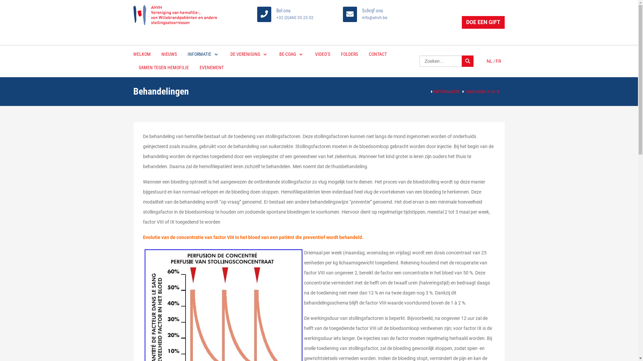 The image size is (643, 361). I want to click on 'Hemofilie A en B', so click(466, 91).